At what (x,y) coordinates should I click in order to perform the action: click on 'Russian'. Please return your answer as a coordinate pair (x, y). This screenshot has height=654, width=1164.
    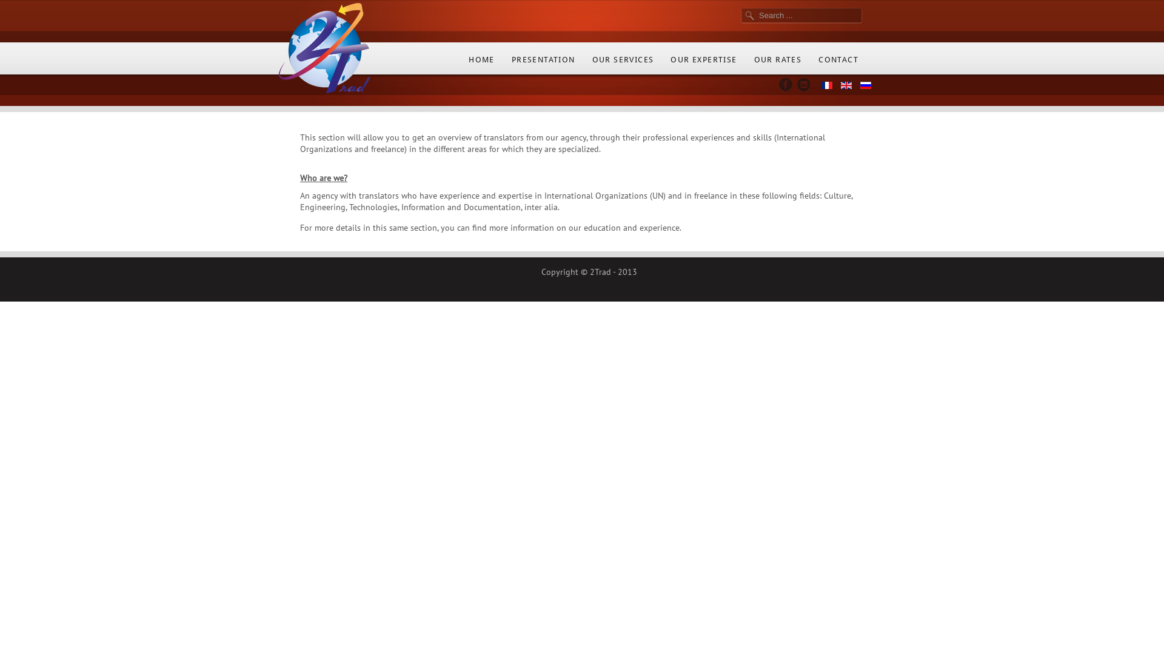
    Looking at the image, I should click on (865, 84).